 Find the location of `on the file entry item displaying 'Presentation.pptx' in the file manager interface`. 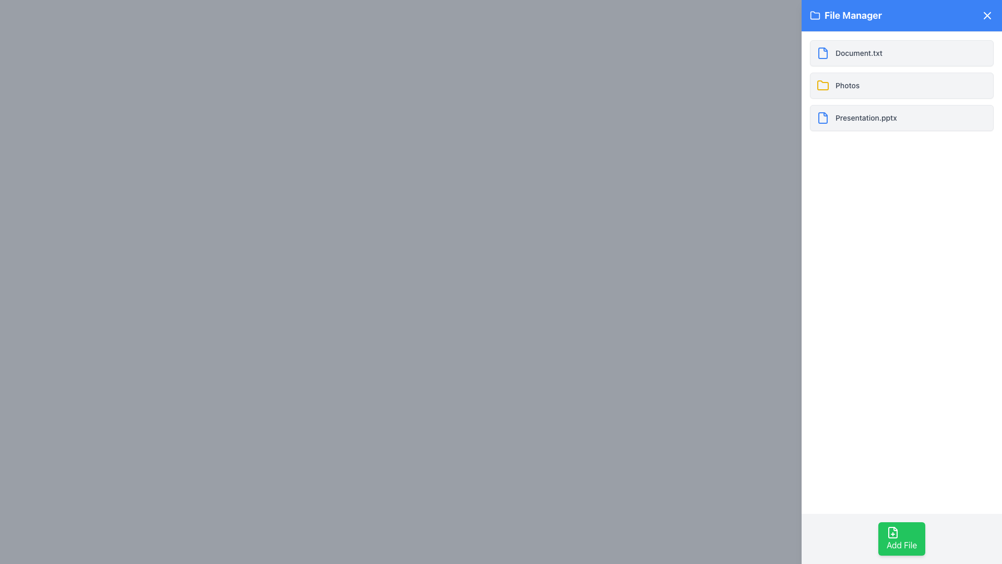

on the file entry item displaying 'Presentation.pptx' in the file manager interface is located at coordinates (901, 118).